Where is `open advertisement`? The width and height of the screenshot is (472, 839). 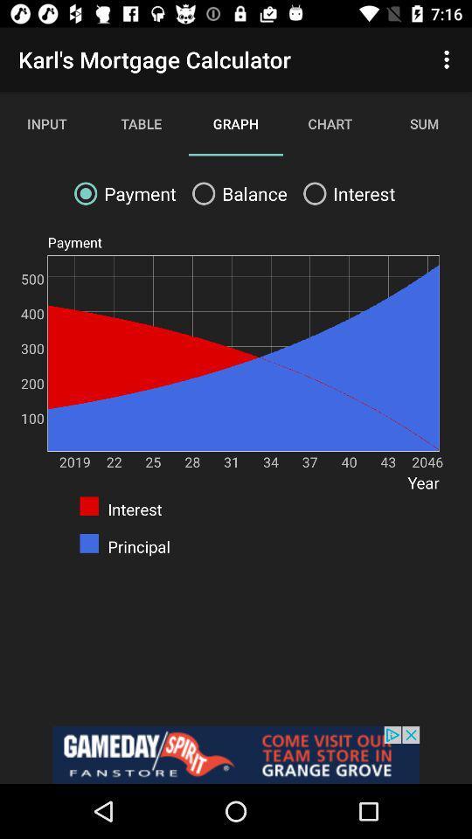 open advertisement is located at coordinates (236, 754).